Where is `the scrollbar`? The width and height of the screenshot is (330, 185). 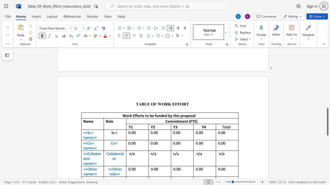
the scrollbar is located at coordinates (327, 95).